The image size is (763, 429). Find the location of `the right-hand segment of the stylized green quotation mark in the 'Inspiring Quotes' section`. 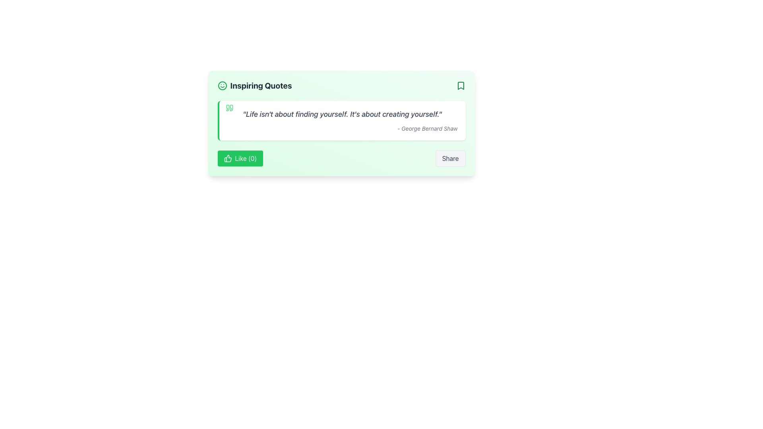

the right-hand segment of the stylized green quotation mark in the 'Inspiring Quotes' section is located at coordinates (231, 108).